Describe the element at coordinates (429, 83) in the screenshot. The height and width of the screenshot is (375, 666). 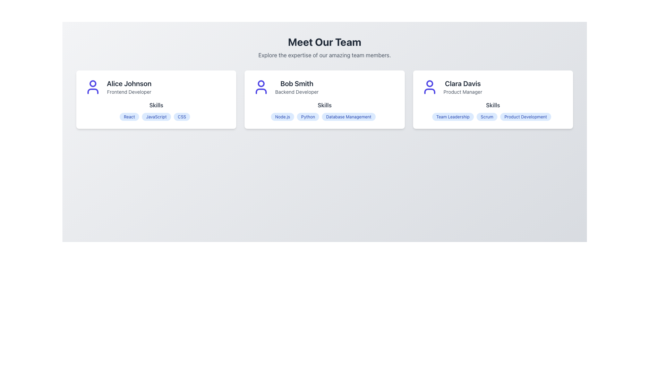
I see `the small circular graphic shape located at the center of the head portion of the avatar icon representing Clara Davis, a Product Manager, in the top-left corner of the third card from the left` at that location.